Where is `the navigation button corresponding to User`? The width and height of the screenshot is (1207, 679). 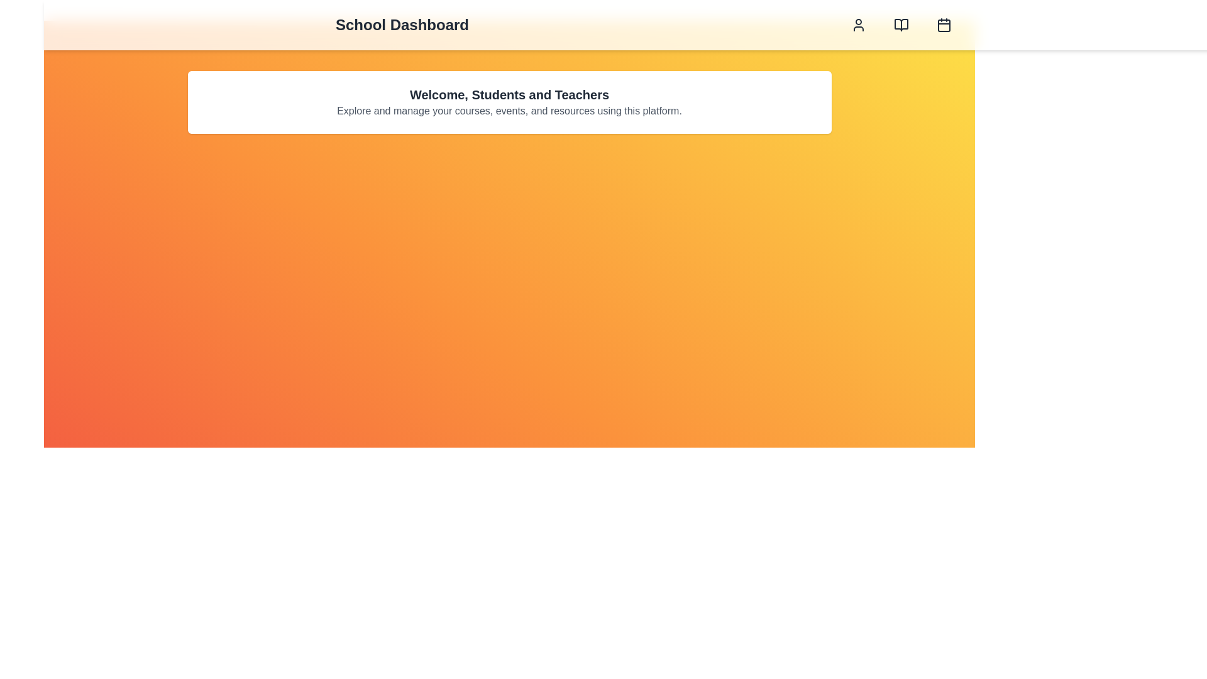
the navigation button corresponding to User is located at coordinates (858, 25).